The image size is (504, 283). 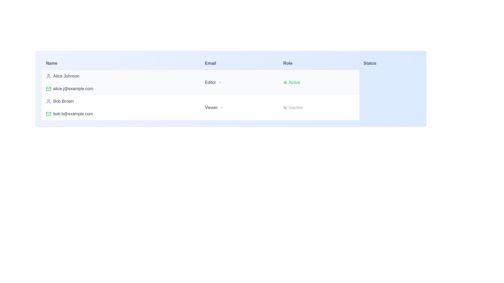 I want to click on the email icon representing the email address 'bob.b@example.com' located in the second row of the table, so click(x=49, y=114).